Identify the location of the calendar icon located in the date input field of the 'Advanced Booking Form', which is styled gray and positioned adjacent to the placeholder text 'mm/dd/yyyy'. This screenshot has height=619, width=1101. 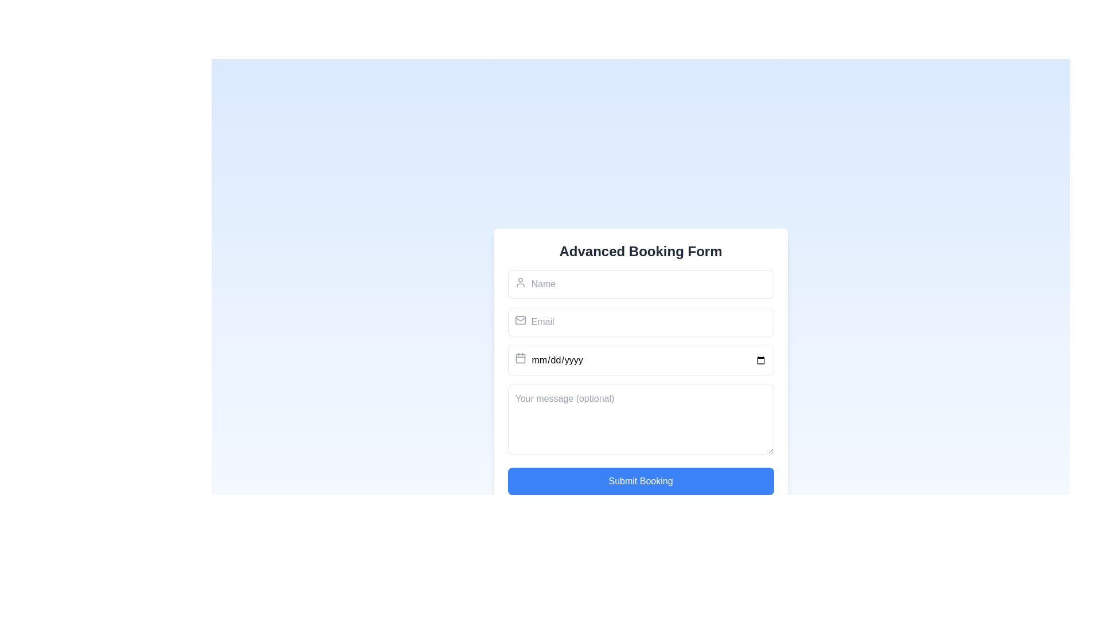
(520, 357).